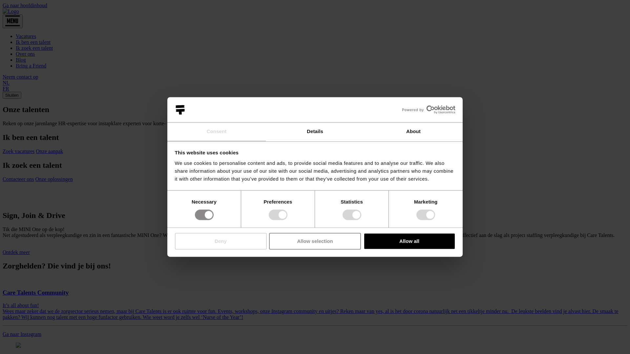 The width and height of the screenshot is (630, 354). Describe the element at coordinates (25, 5) in the screenshot. I see `'Ga naar hoofdinhoud'` at that location.